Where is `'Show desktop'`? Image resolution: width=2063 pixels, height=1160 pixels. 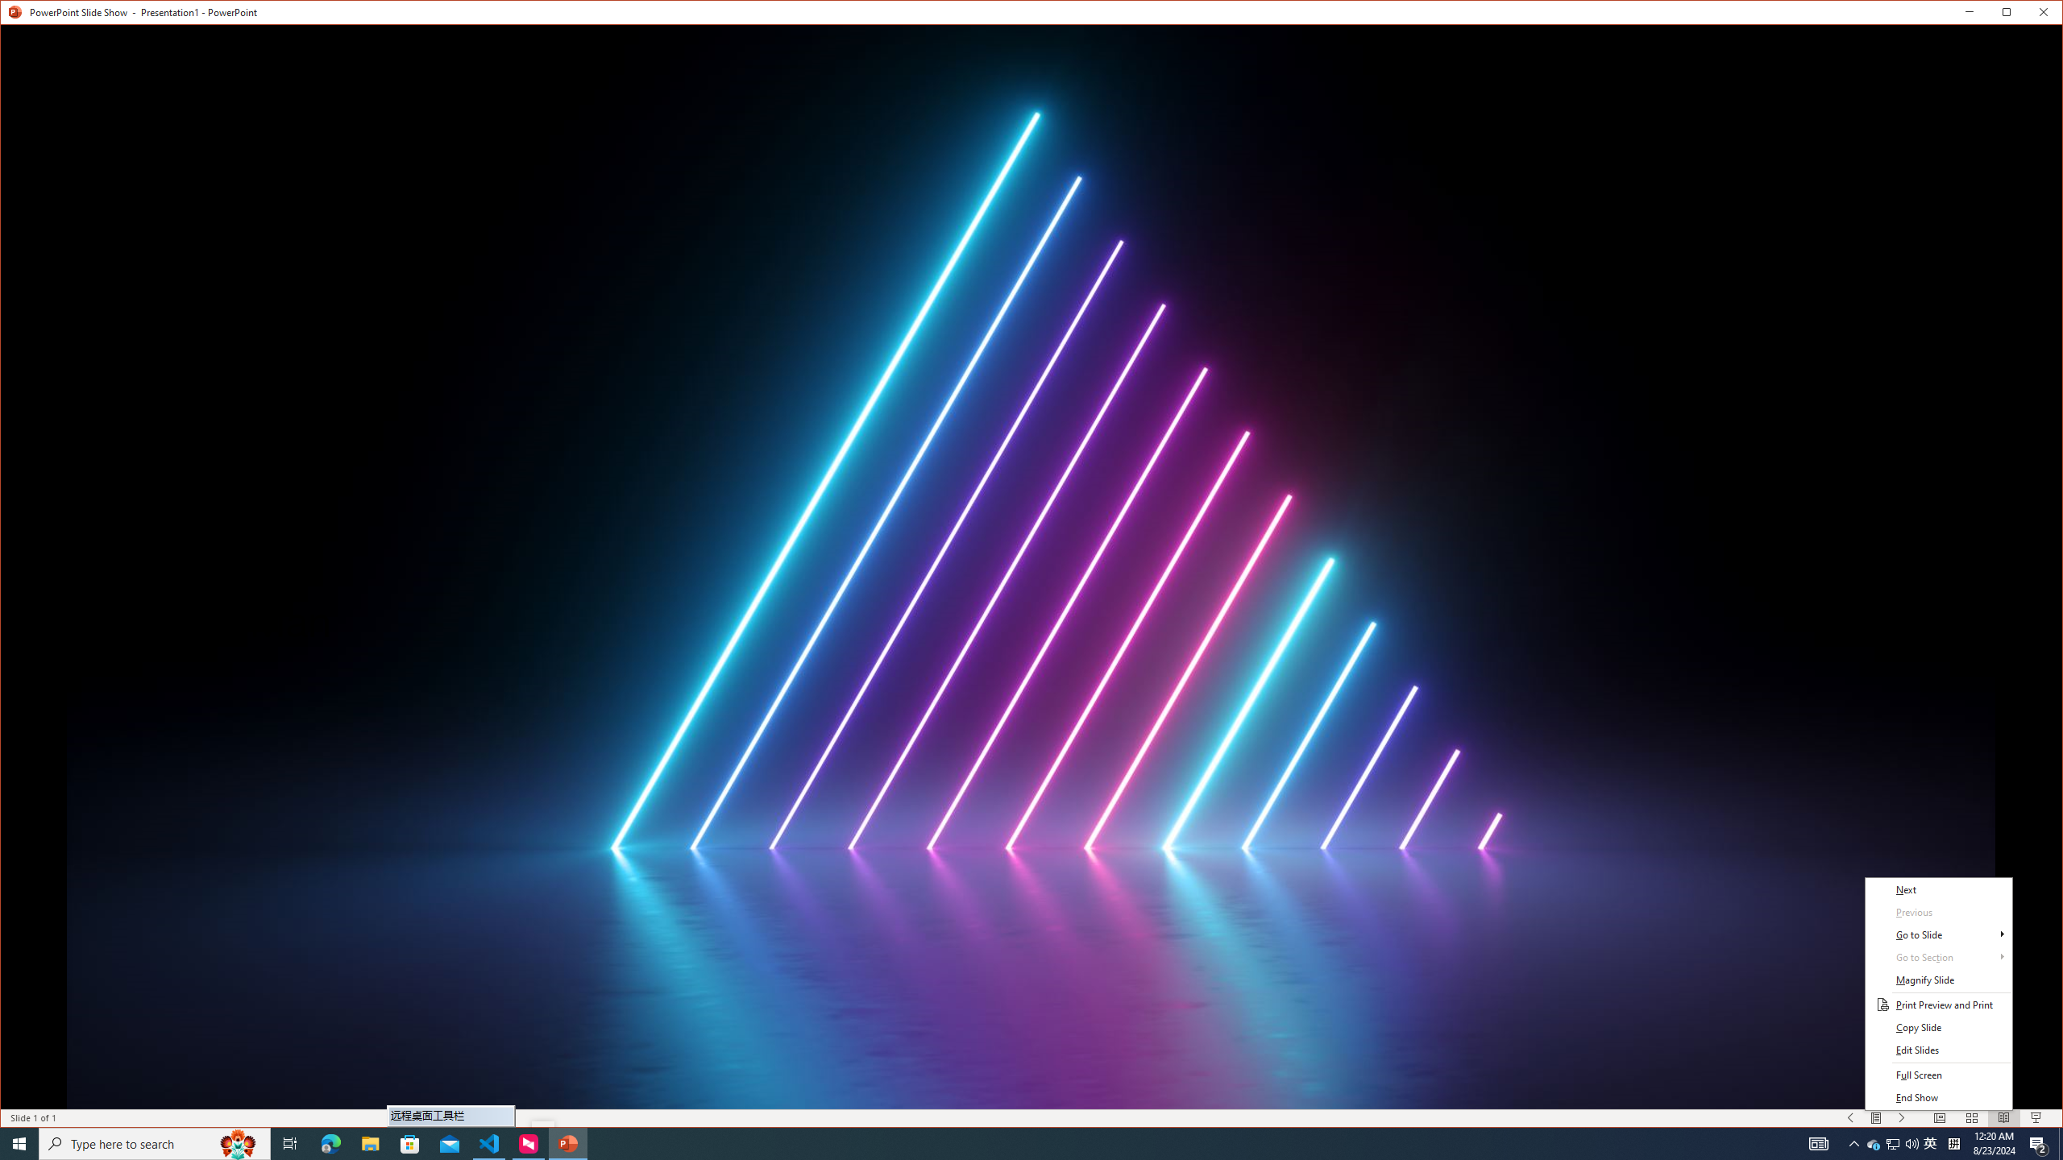 'Show desktop' is located at coordinates (2060, 1142).